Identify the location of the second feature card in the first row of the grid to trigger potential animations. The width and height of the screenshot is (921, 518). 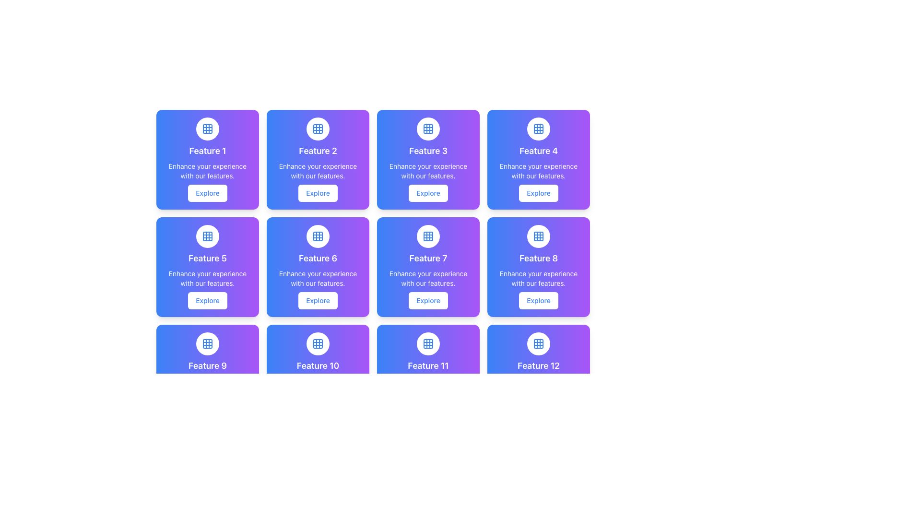
(318, 159).